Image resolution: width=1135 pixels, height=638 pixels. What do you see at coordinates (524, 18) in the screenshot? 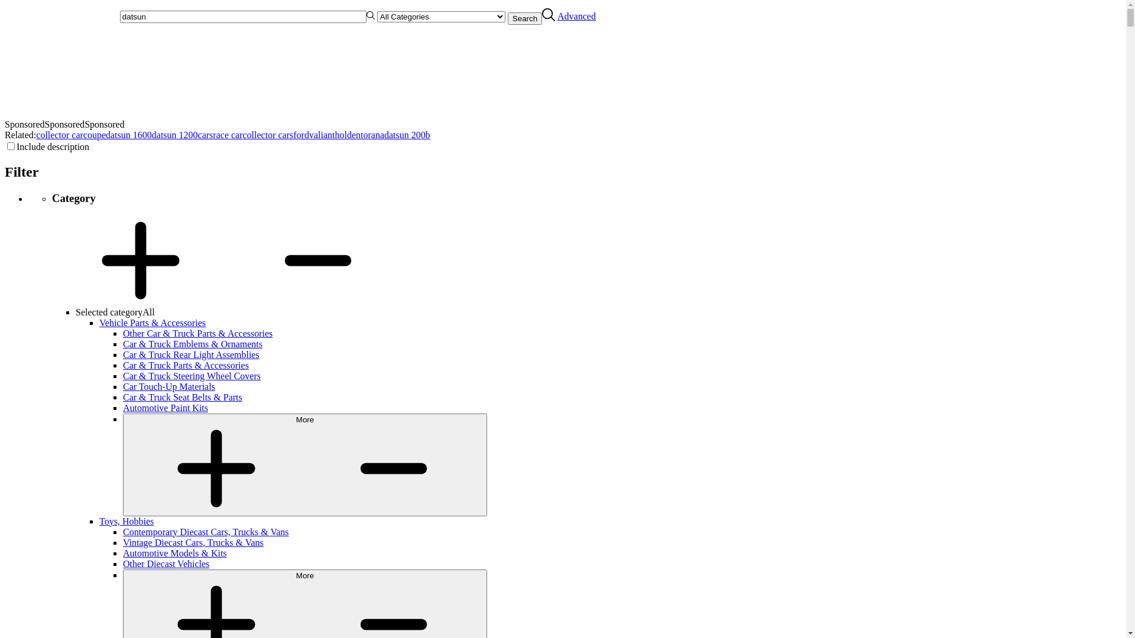
I see `'Search'` at bounding box center [524, 18].